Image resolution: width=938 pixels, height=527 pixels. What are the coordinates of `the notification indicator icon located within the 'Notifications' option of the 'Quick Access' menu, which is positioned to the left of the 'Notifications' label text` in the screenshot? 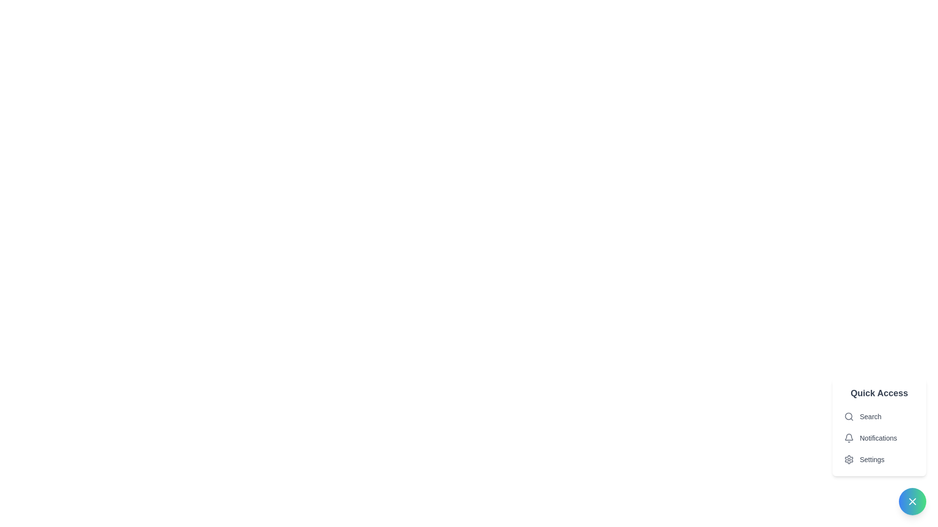 It's located at (848, 438).